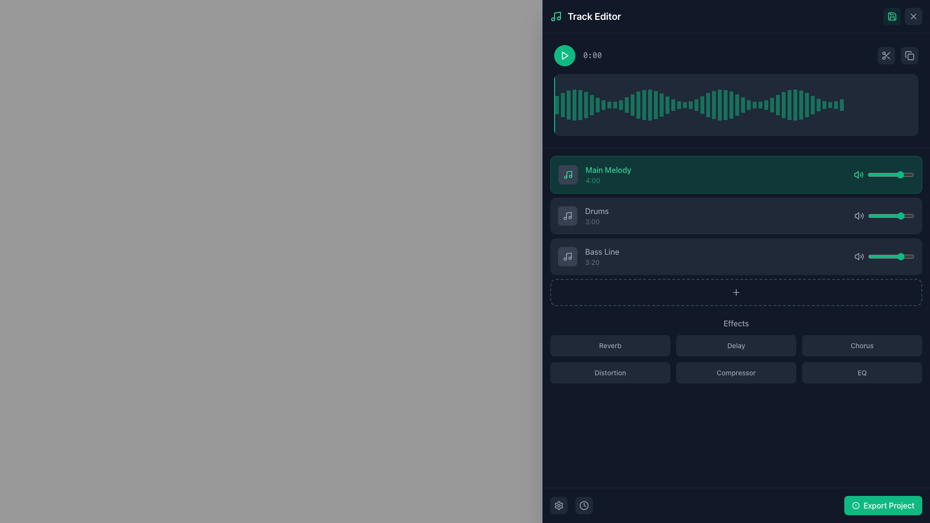 The width and height of the screenshot is (930, 523). What do you see at coordinates (881, 256) in the screenshot?
I see `the slider value` at bounding box center [881, 256].